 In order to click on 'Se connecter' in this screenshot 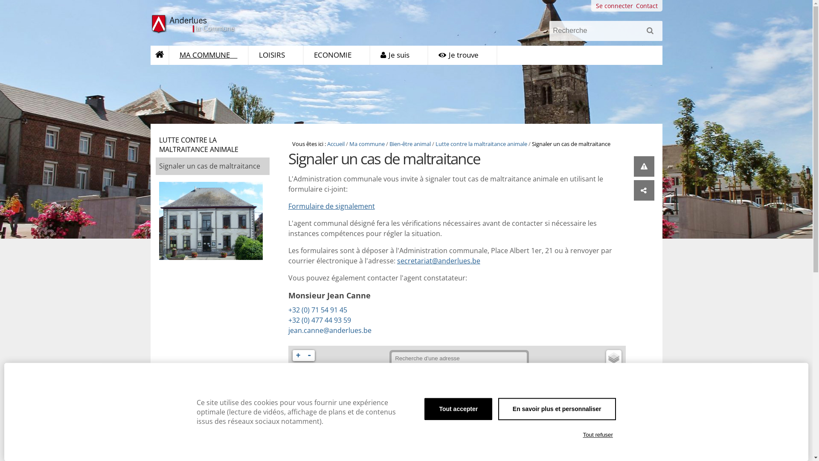, I will do `click(614, 6)`.